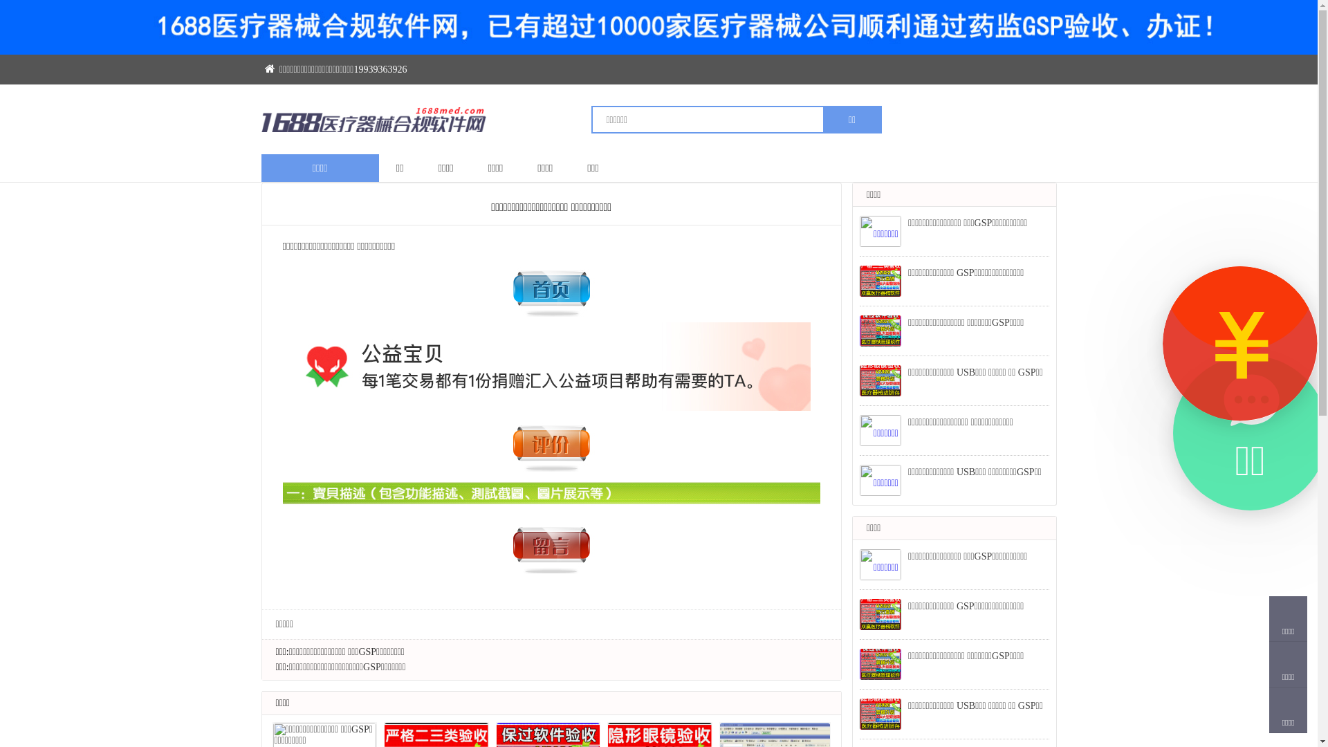 This screenshot has width=1328, height=747. What do you see at coordinates (291, 365) in the screenshot?
I see `'x1.jpg'` at bounding box center [291, 365].